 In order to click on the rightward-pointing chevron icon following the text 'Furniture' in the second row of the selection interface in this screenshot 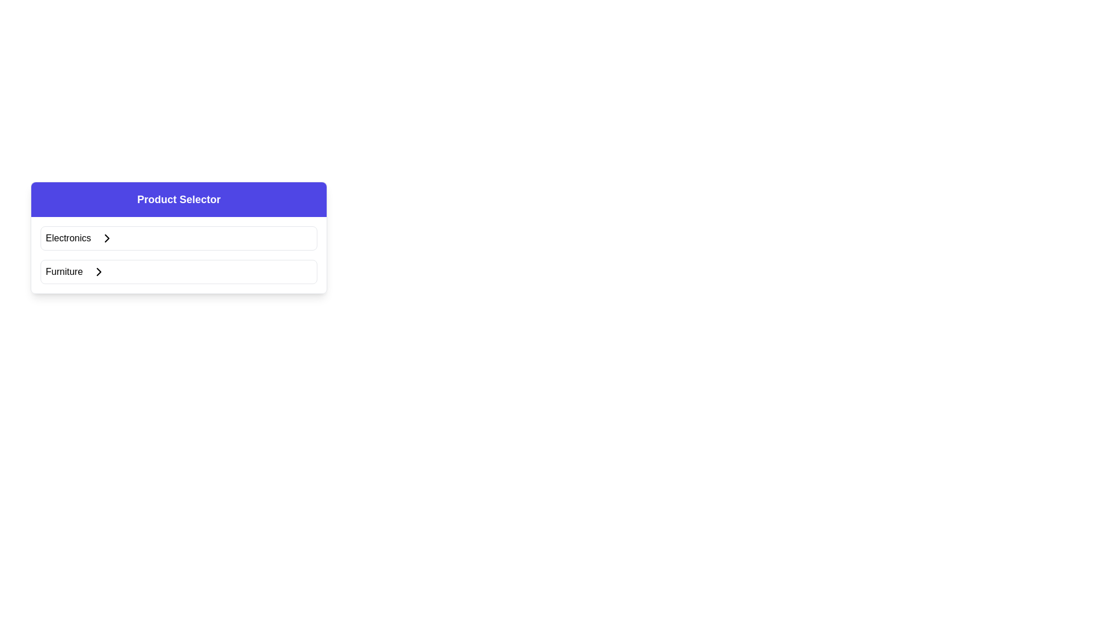, I will do `click(99, 272)`.